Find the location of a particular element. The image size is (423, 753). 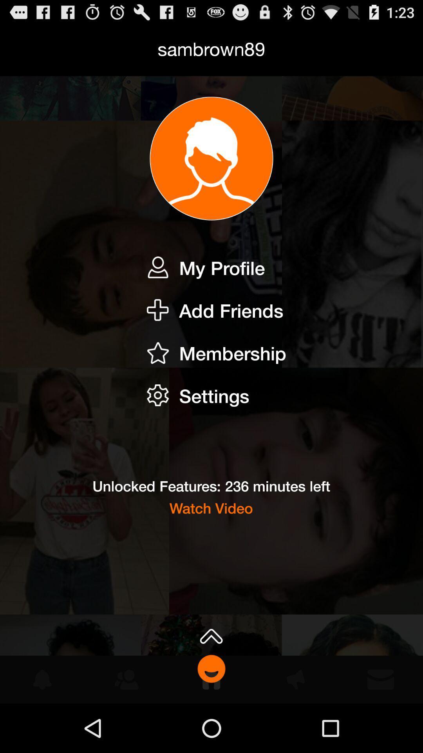

profile image is located at coordinates (211, 158).